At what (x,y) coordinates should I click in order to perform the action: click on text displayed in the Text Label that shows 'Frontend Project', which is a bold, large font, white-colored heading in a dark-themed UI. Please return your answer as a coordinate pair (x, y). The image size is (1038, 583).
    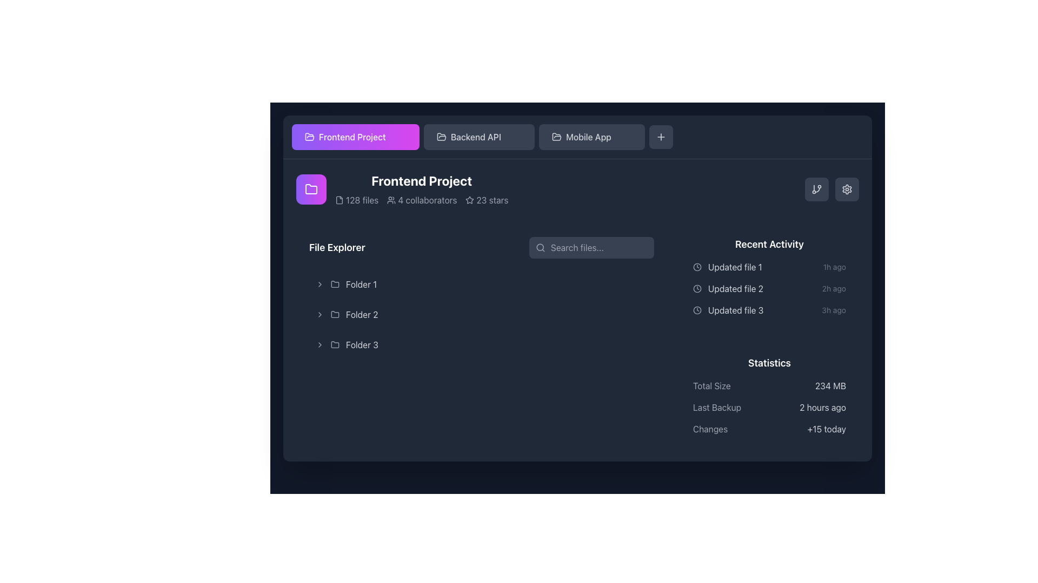
    Looking at the image, I should click on (421, 180).